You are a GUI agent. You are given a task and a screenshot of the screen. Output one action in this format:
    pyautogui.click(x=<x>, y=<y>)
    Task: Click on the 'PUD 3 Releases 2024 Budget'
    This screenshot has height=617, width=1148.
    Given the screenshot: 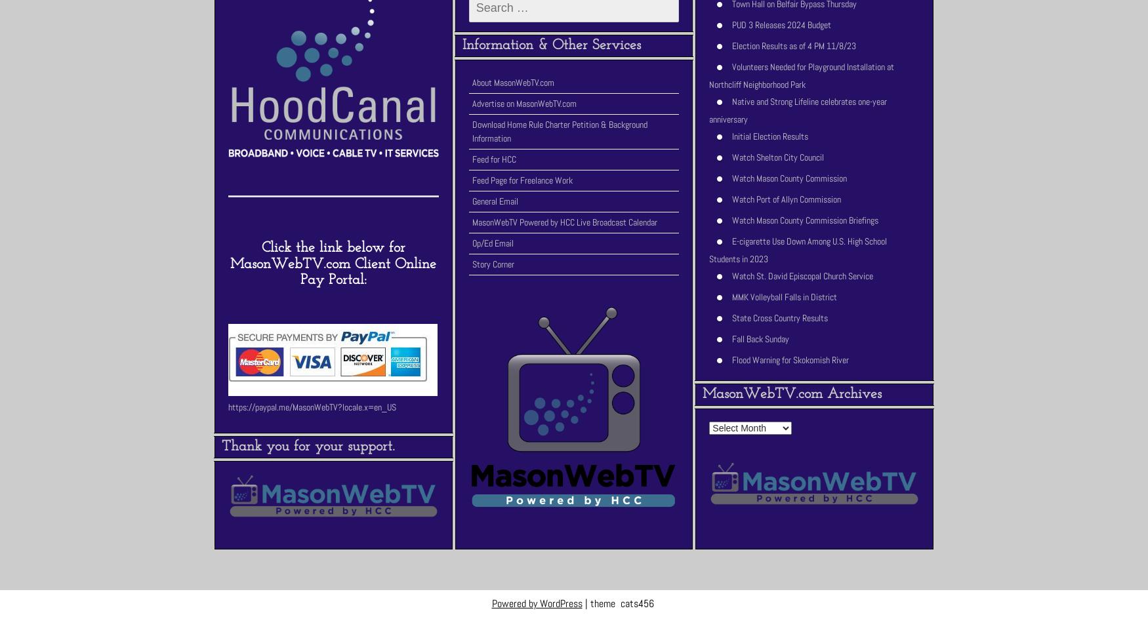 What is the action you would take?
    pyautogui.click(x=731, y=24)
    